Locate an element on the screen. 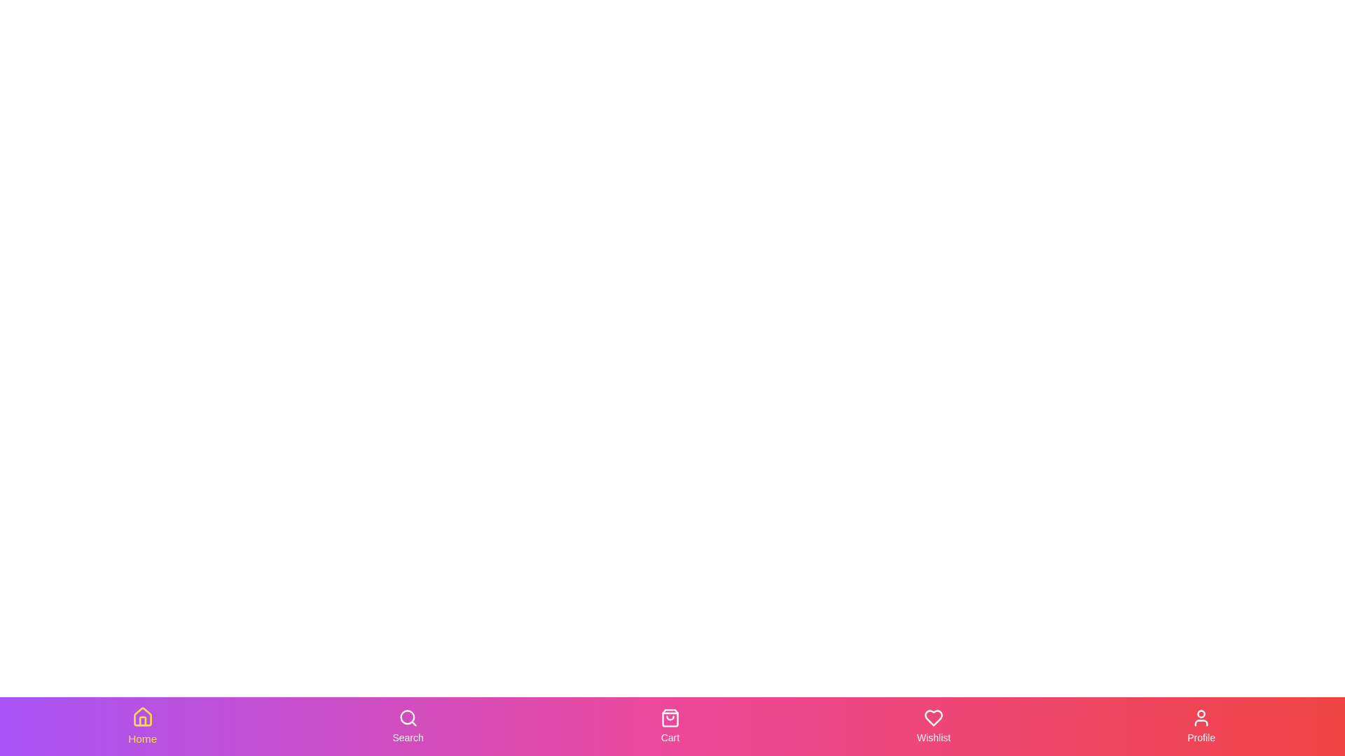 Image resolution: width=1345 pixels, height=756 pixels. the Wishlist tab in the bottom navigation bar is located at coordinates (934, 725).